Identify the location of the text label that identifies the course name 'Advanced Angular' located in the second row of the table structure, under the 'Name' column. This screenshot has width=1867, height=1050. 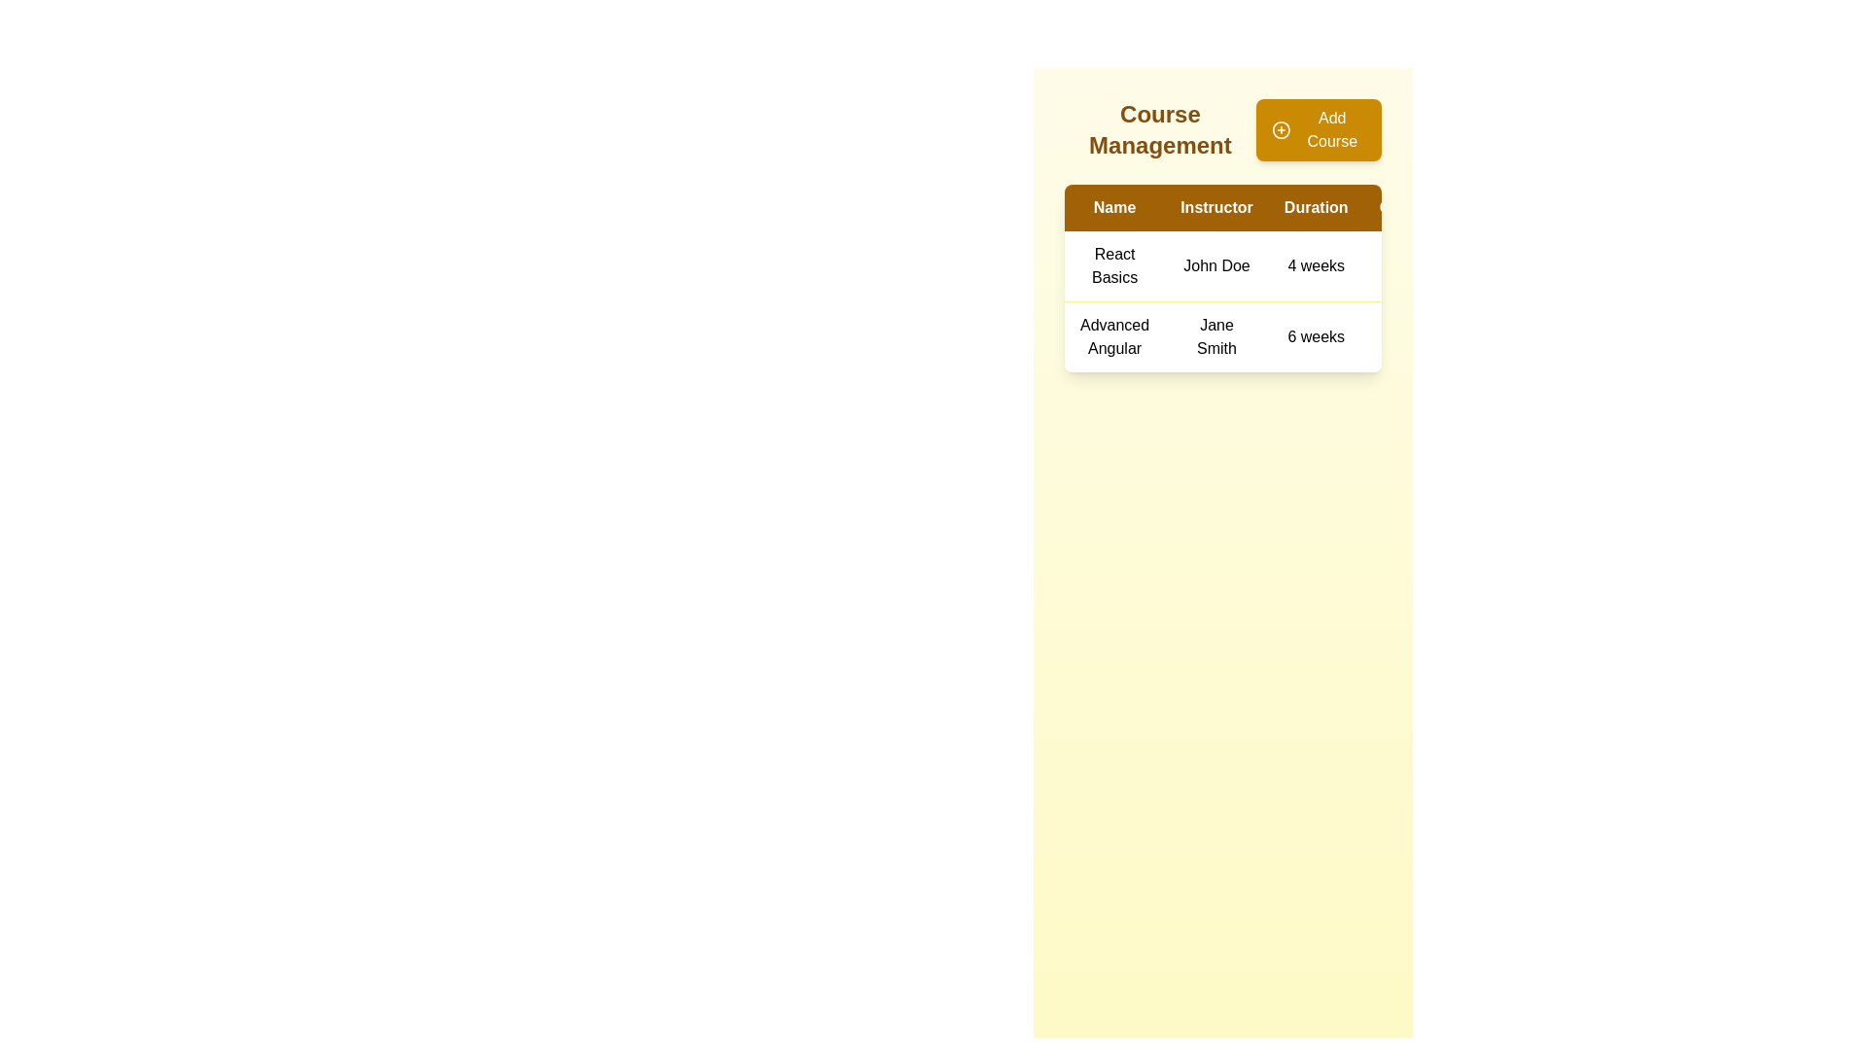
(1114, 335).